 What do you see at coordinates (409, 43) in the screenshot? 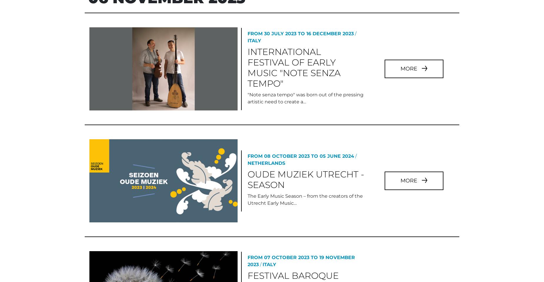
I see `'More'` at bounding box center [409, 43].